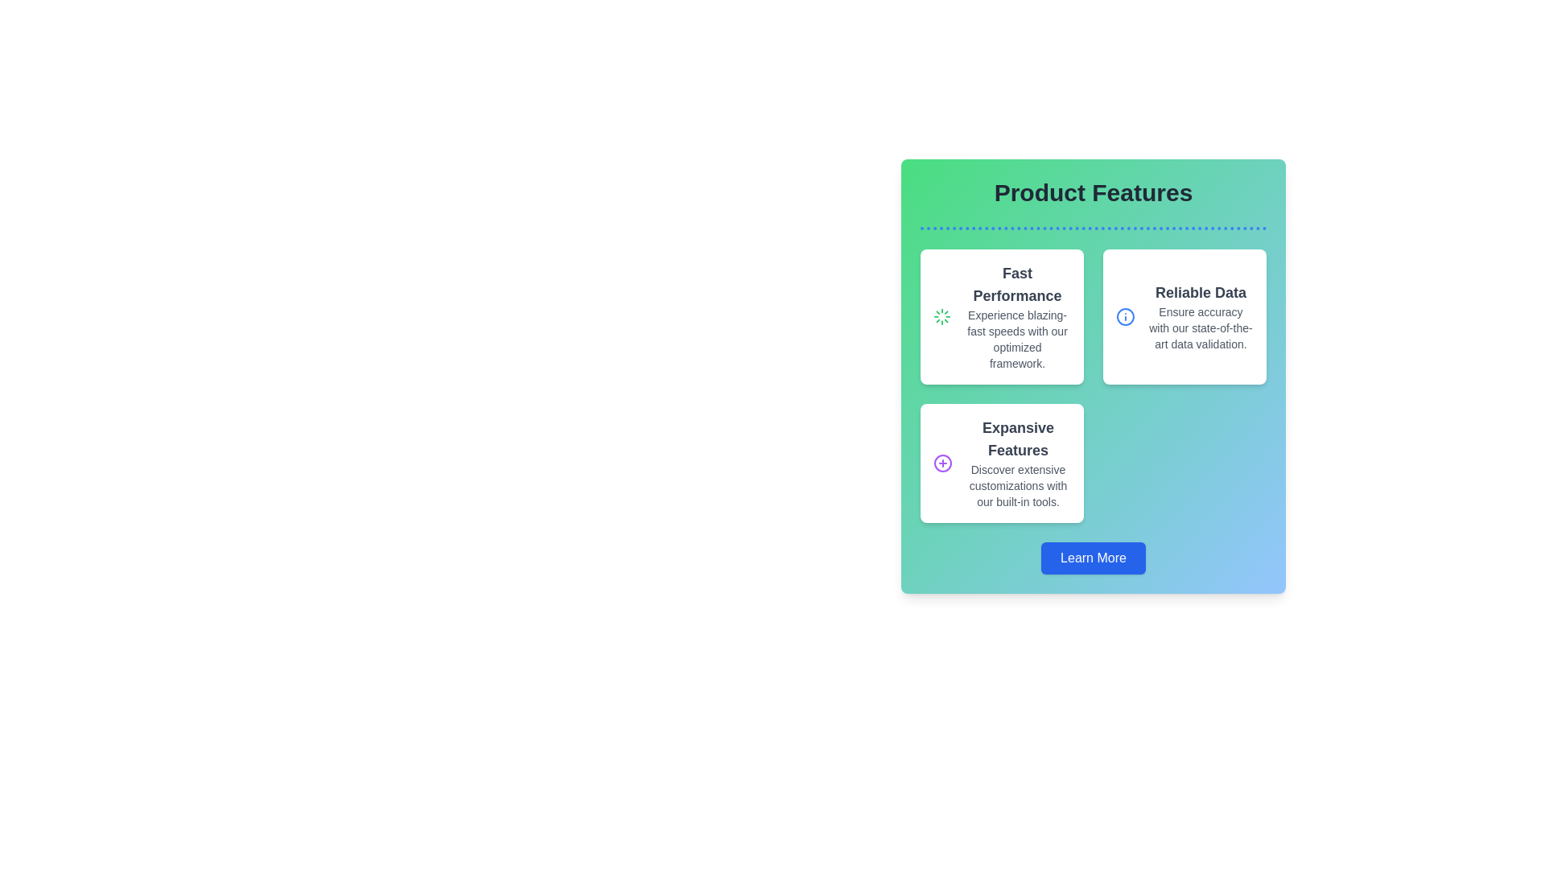 This screenshot has height=869, width=1545. I want to click on textual content of the Text block located in the bottom left corner of the third card under 'Product Features', which describes the 'Expansive Features' offering and its customizability, so click(1017, 463).